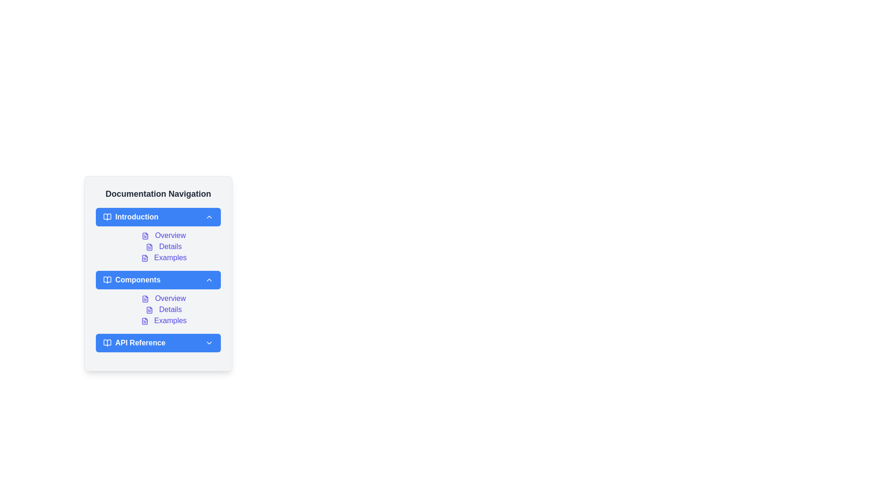  What do you see at coordinates (158, 280) in the screenshot?
I see `the toggle button for the 'Components' section located in the middle of the sidebar, positioned between 'Introduction' and 'API Reference'` at bounding box center [158, 280].